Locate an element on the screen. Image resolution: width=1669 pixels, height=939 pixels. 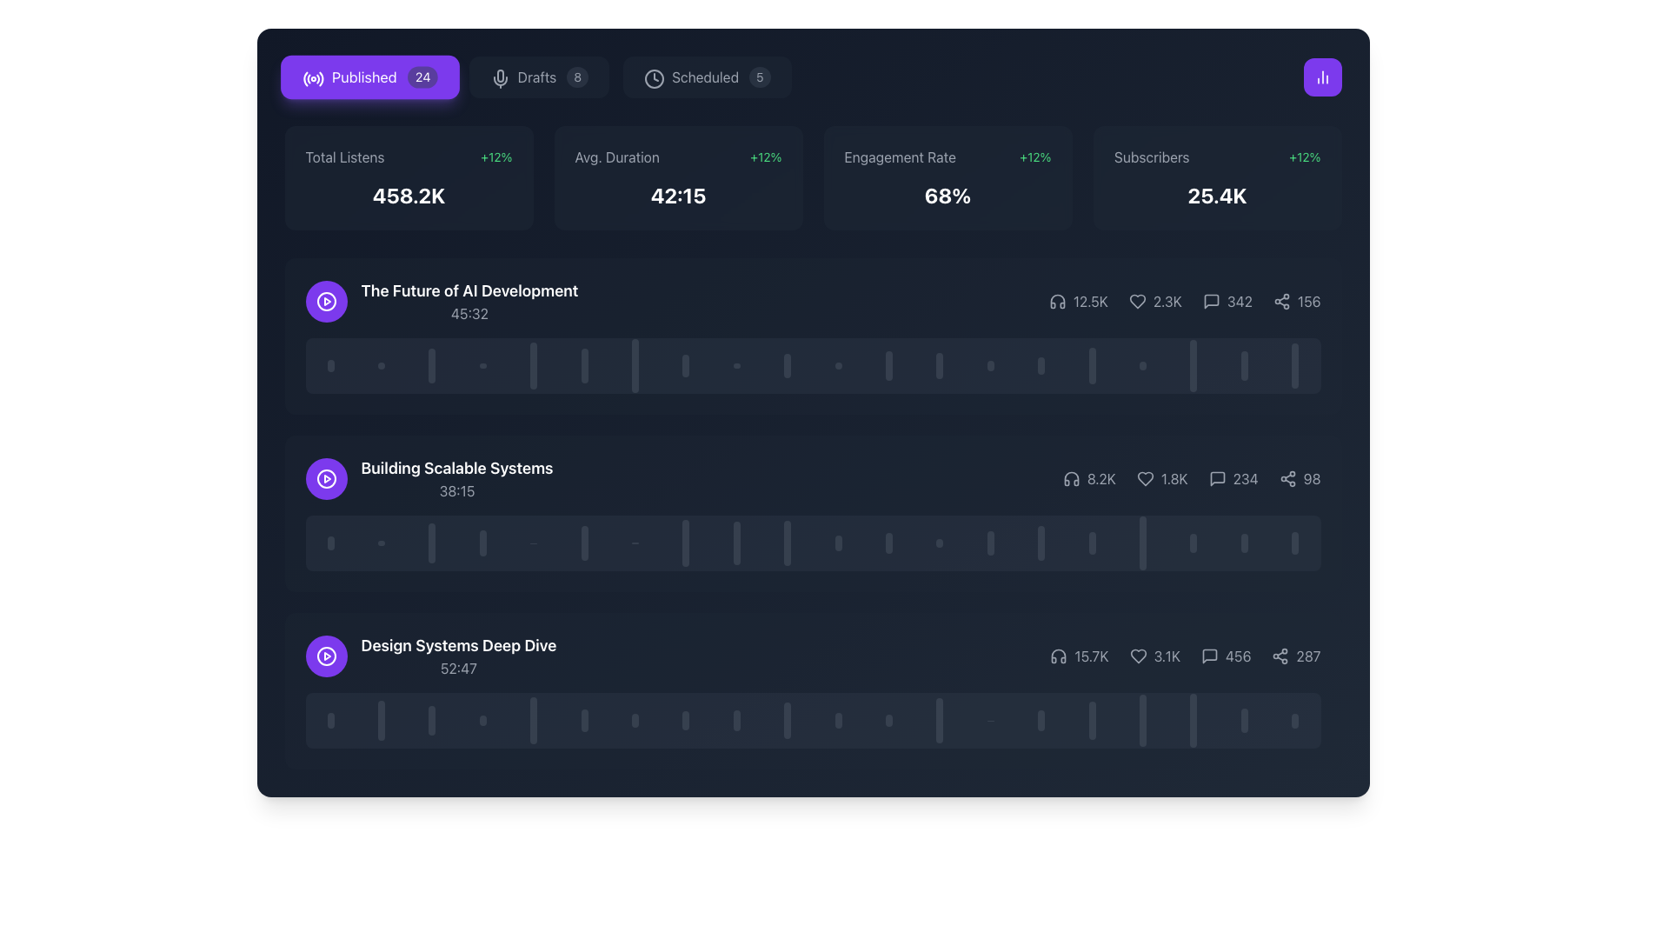
the graphical indicator or bar that represents data for 'The Future of AI Development', which is the third bar from the left in a horizontal group of similar vertical bars is located at coordinates (432, 364).